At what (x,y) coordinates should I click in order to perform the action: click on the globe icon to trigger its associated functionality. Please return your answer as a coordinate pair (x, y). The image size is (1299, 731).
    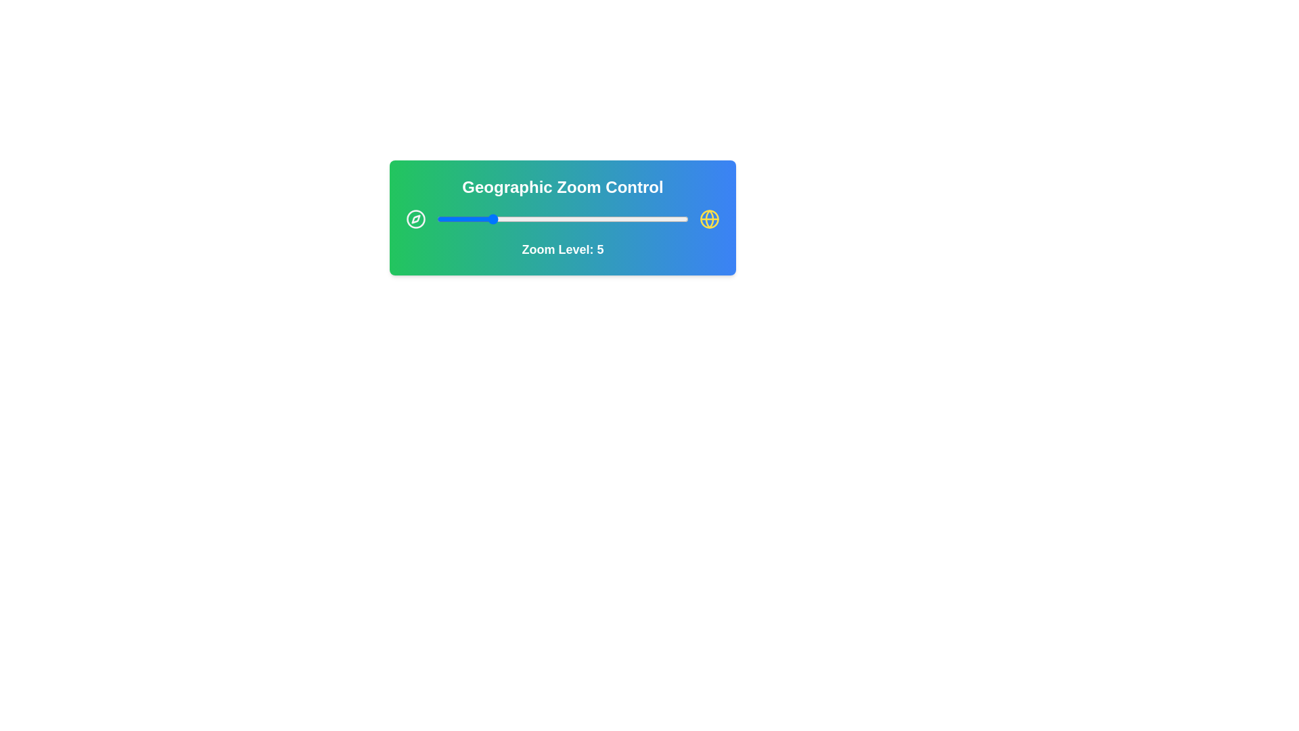
    Looking at the image, I should click on (709, 219).